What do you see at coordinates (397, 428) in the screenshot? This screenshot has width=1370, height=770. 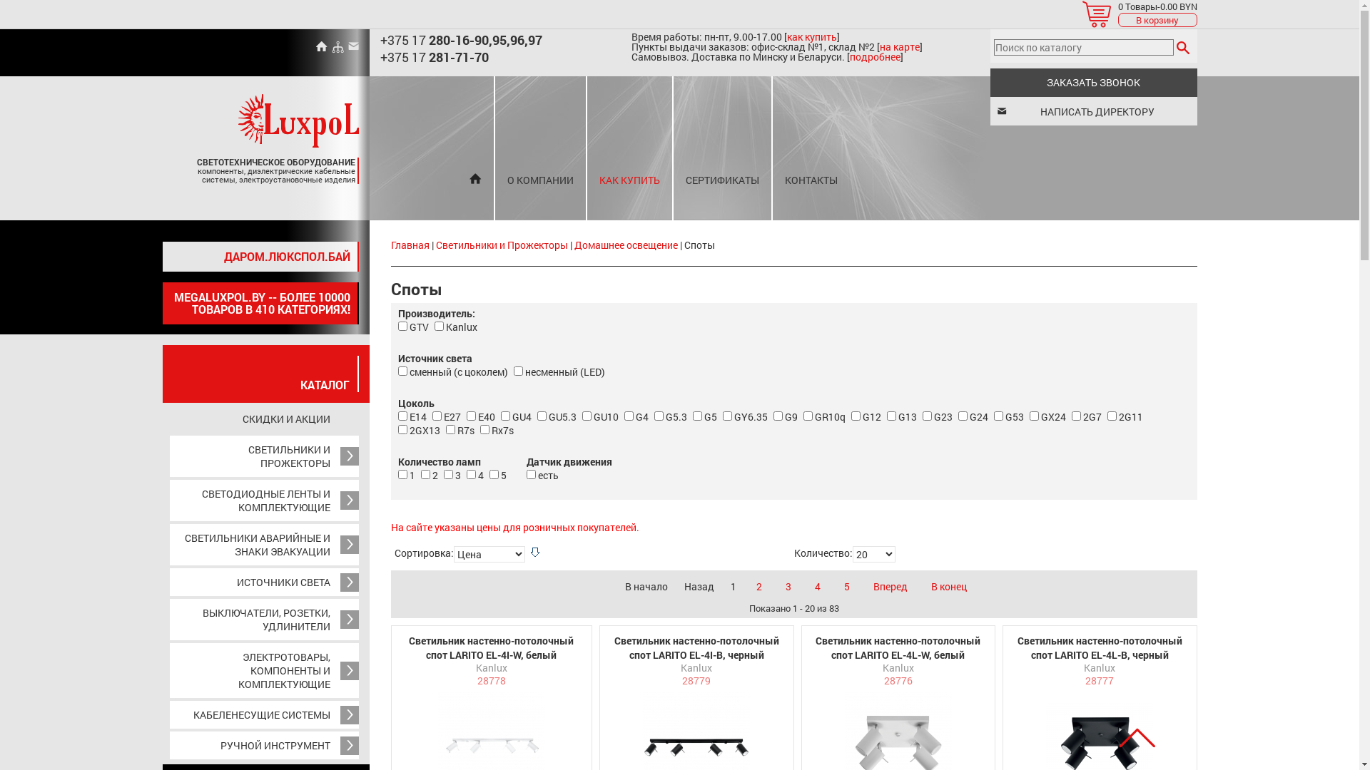 I see `'74'` at bounding box center [397, 428].